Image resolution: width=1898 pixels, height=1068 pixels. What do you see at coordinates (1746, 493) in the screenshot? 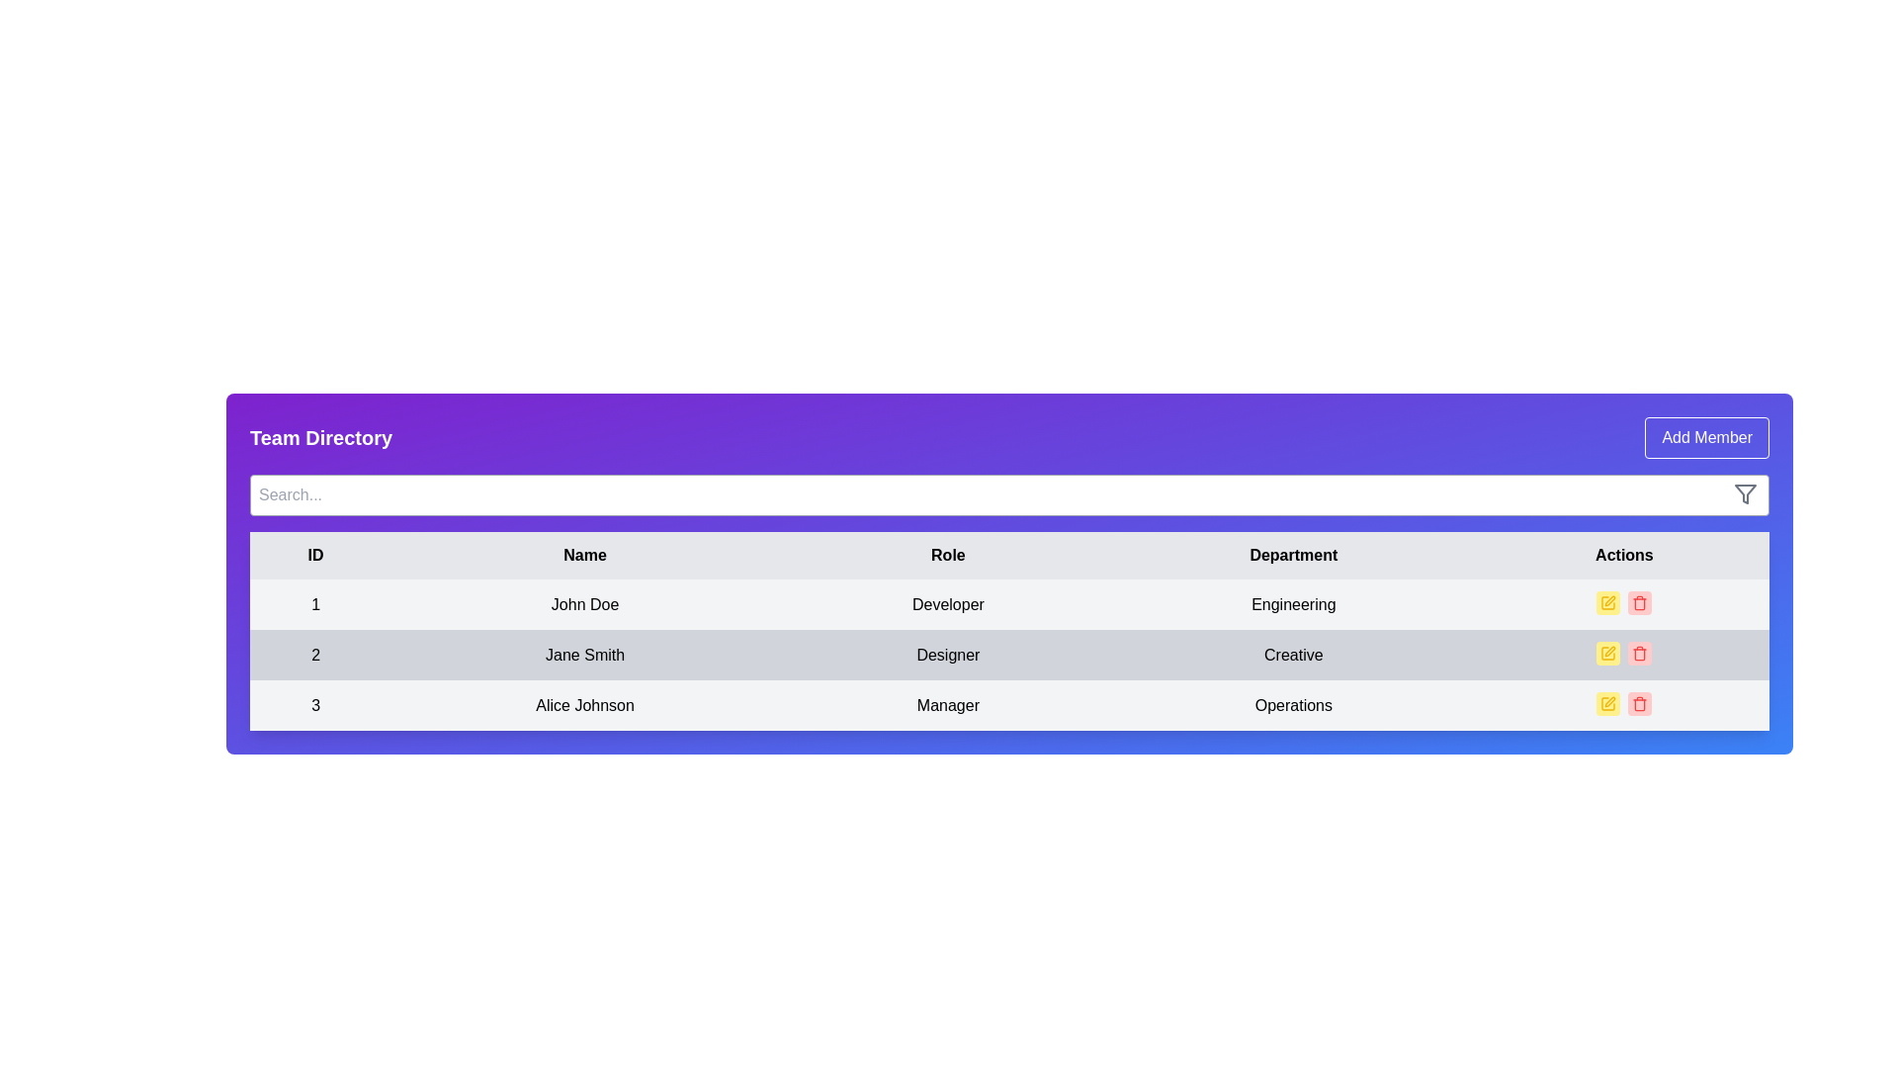
I see `the filter icon button located at the top-right corner of the search bar` at bounding box center [1746, 493].